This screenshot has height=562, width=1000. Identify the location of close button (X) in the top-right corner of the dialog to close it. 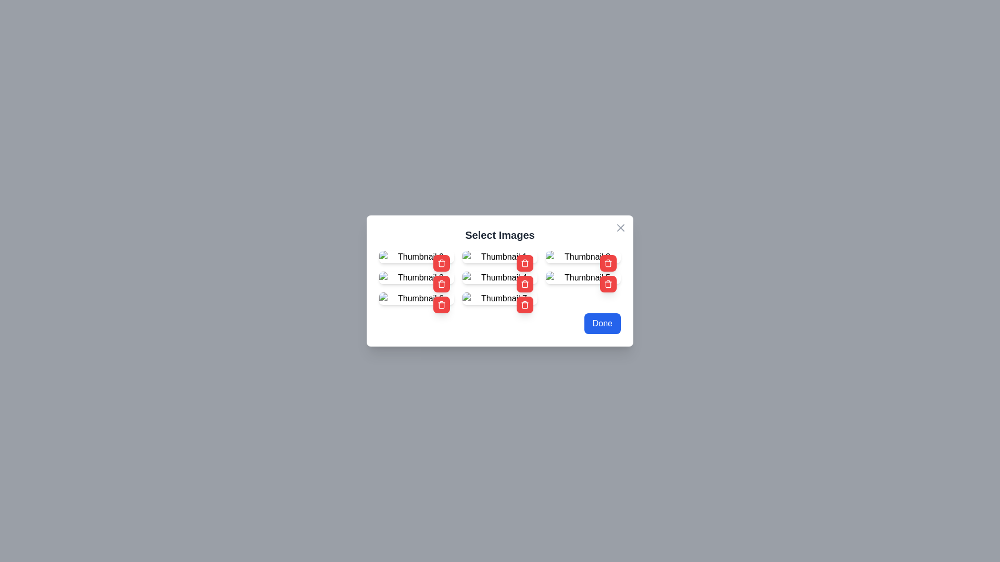
(620, 227).